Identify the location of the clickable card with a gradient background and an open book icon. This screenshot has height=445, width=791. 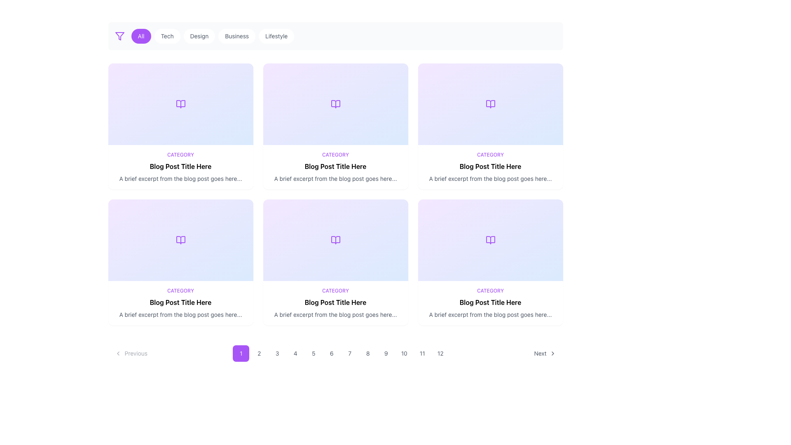
(490, 126).